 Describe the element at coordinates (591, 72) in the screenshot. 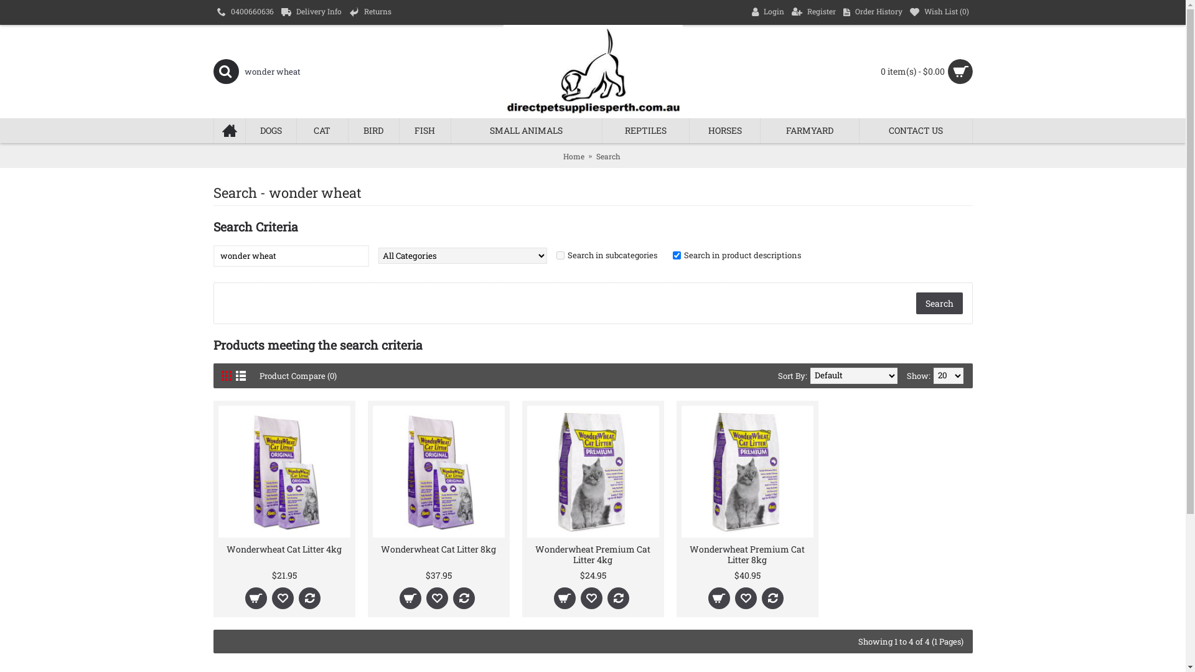

I see `'Direct Pet Supplies Perth'` at that location.